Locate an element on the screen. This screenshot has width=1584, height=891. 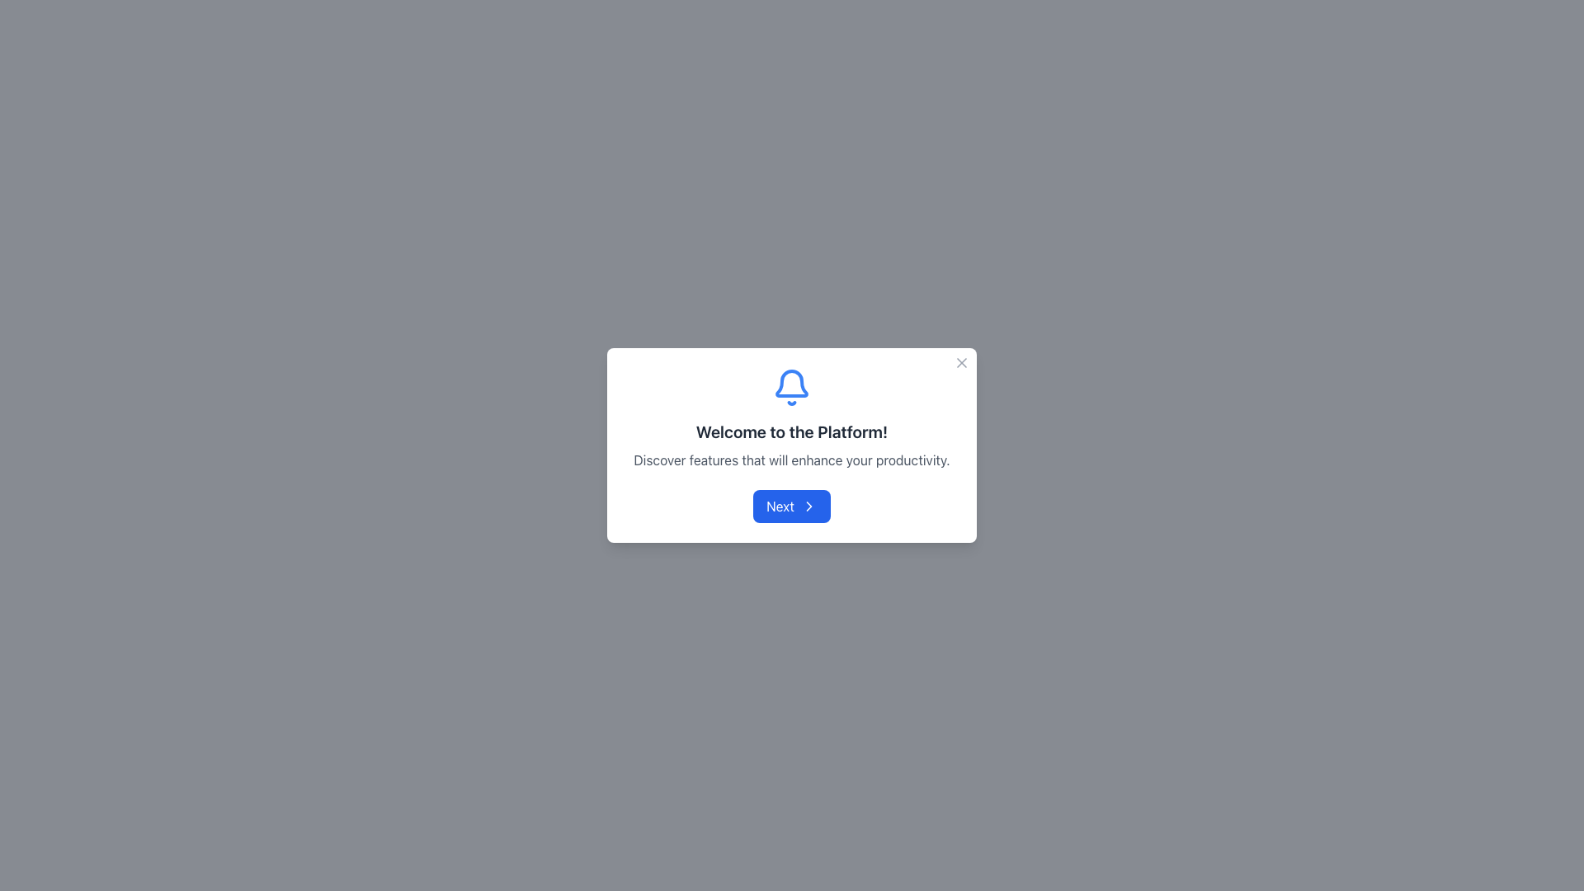
the blue bell-shaped graphical icon that signifies notifications or alerts, located in the upper section of the modal dialog box above the text 'Welcome to the Platform!' is located at coordinates (792, 384).